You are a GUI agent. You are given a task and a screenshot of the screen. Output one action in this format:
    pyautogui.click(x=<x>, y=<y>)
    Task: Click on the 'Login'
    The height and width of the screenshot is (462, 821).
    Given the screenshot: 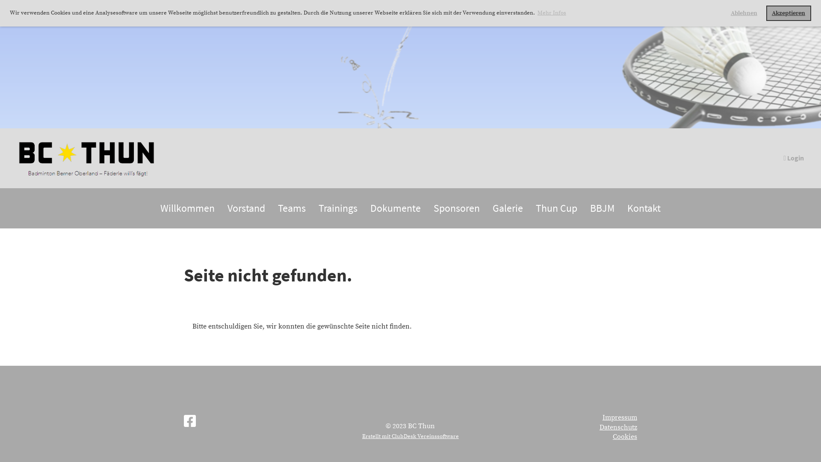 What is the action you would take?
    pyautogui.click(x=782, y=158)
    